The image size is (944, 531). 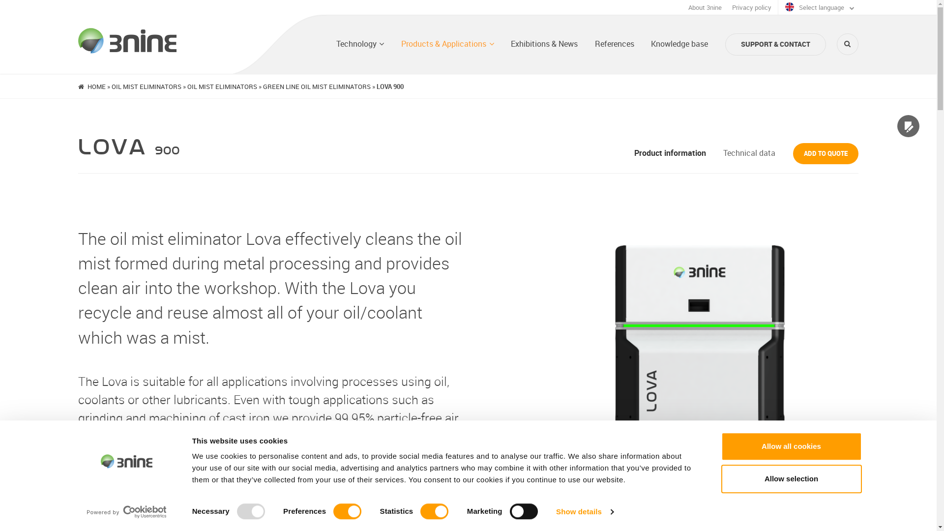 What do you see at coordinates (791, 478) in the screenshot?
I see `'Allow selection'` at bounding box center [791, 478].